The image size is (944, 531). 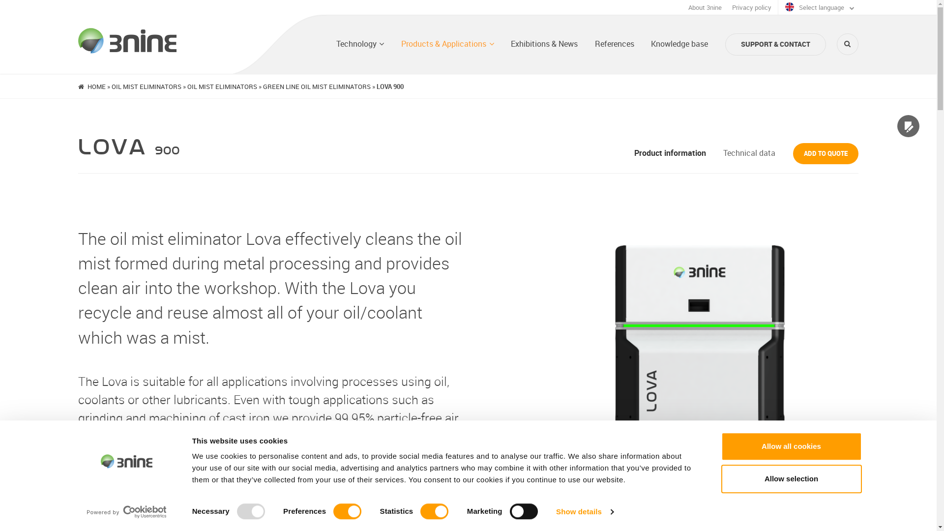 What do you see at coordinates (791, 478) in the screenshot?
I see `'Allow selection'` at bounding box center [791, 478].